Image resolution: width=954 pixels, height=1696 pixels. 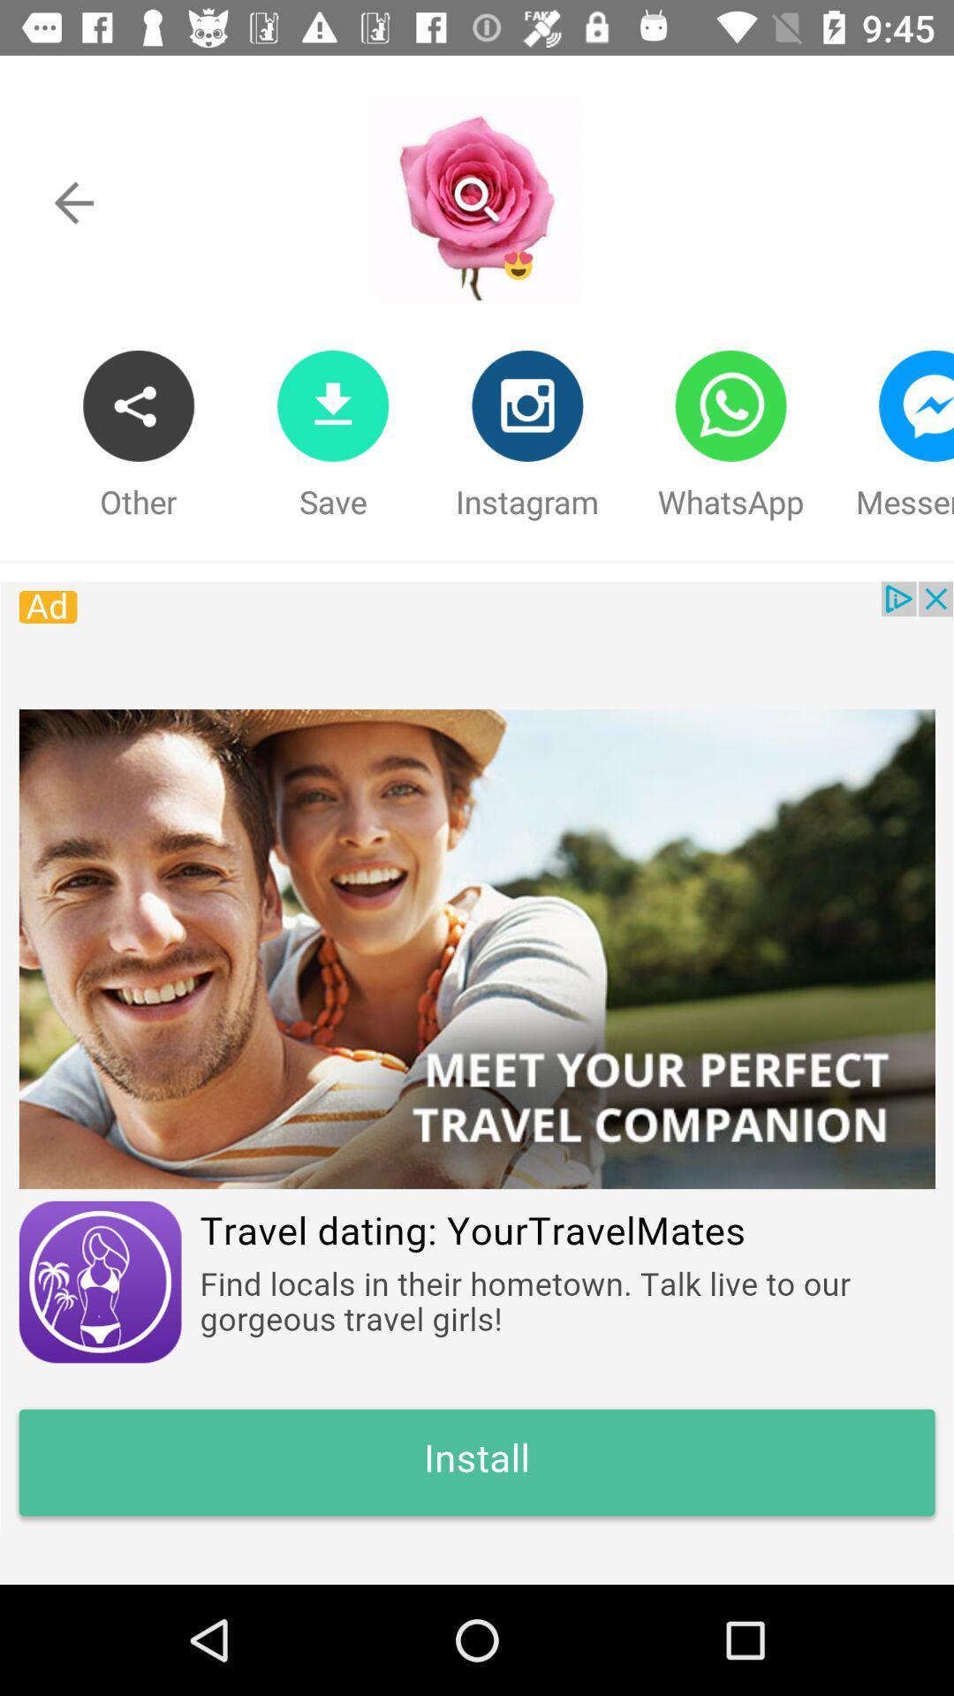 What do you see at coordinates (73, 202) in the screenshot?
I see `go back` at bounding box center [73, 202].